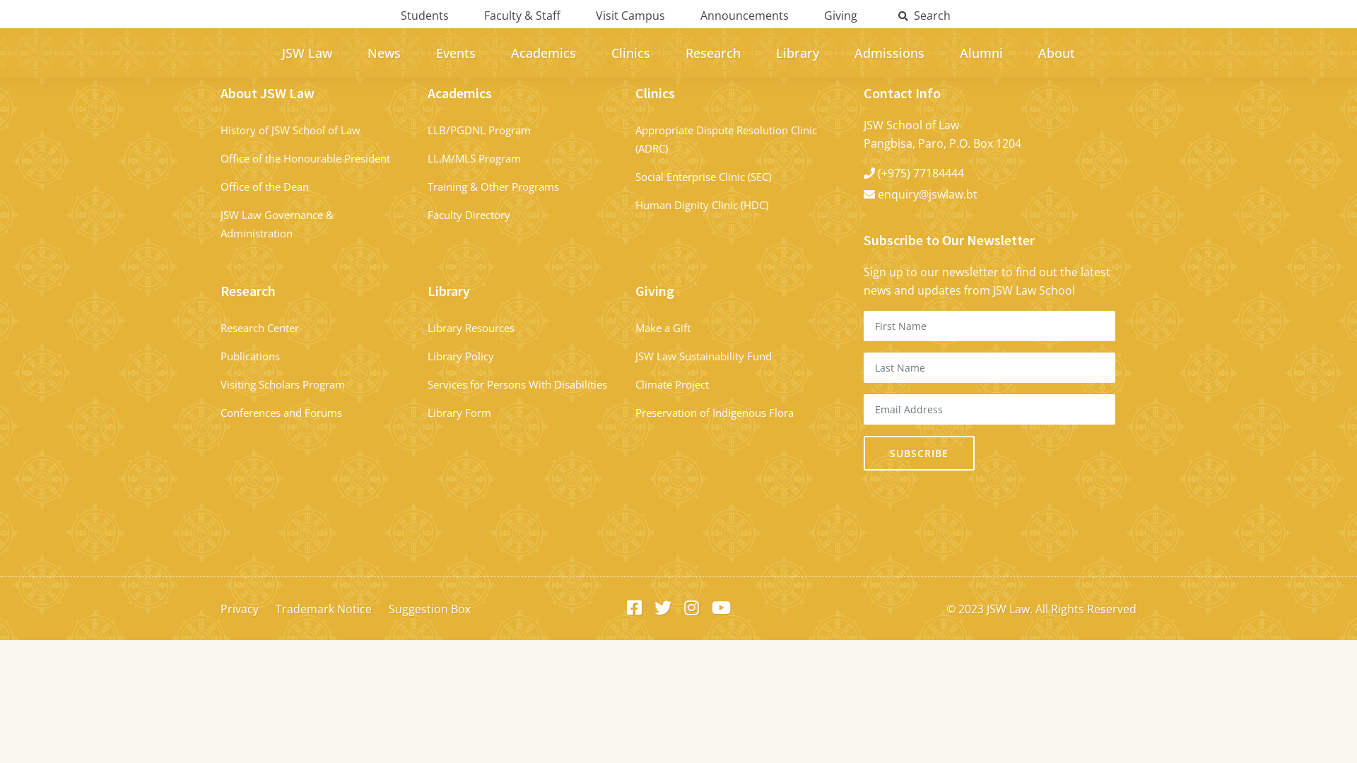  Describe the element at coordinates (461, 355) in the screenshot. I see `'Library Policy'` at that location.